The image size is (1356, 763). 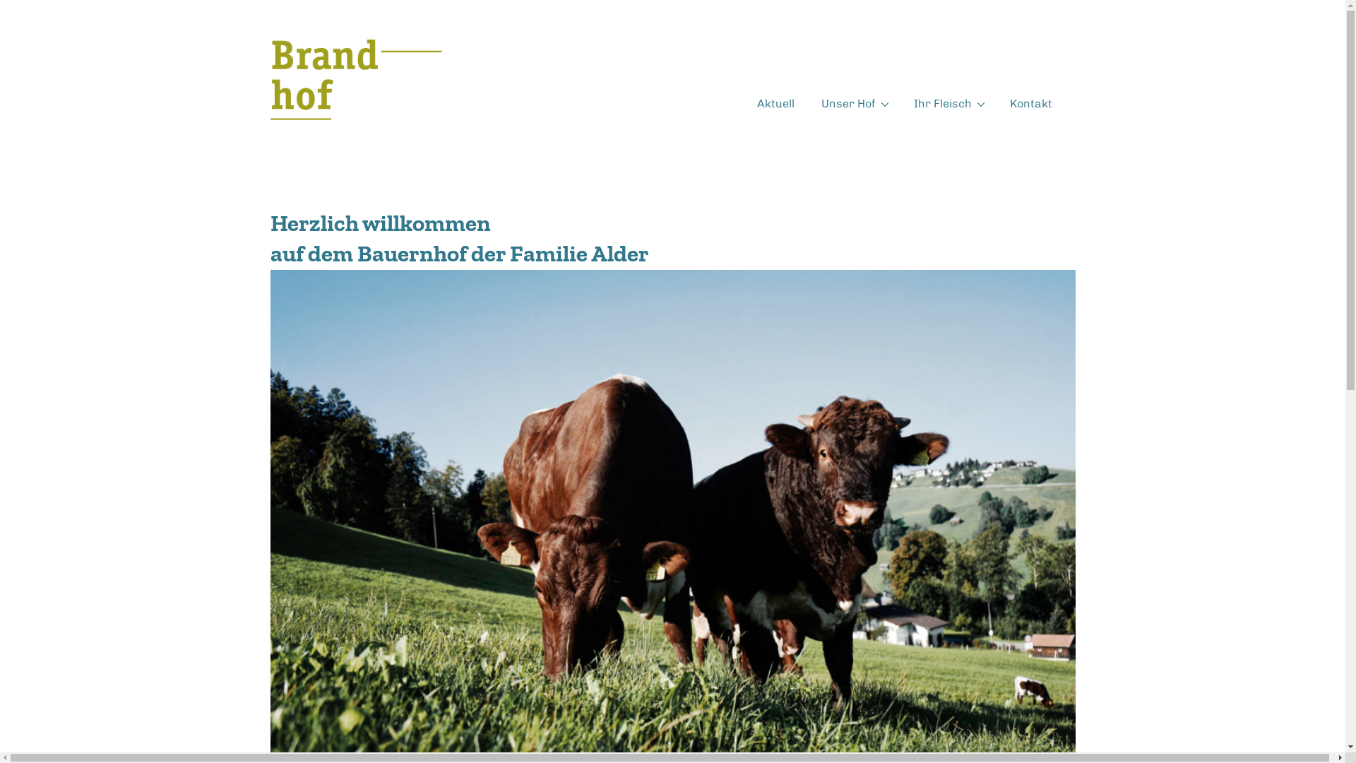 What do you see at coordinates (852, 102) in the screenshot?
I see `'Unser Hof'` at bounding box center [852, 102].